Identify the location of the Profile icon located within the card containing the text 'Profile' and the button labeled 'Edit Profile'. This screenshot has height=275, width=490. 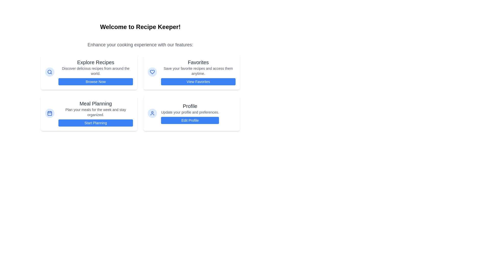
(152, 113).